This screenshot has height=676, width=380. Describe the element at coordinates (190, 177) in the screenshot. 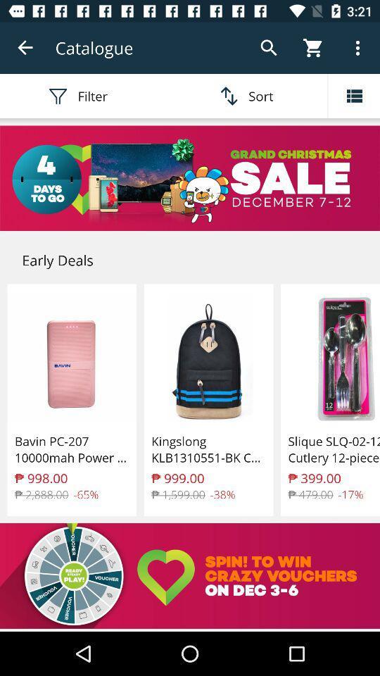

I see `shop sale` at that location.